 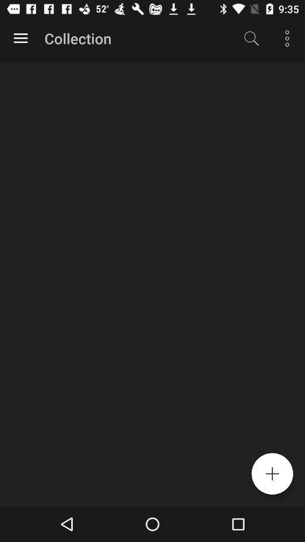 What do you see at coordinates (20, 38) in the screenshot?
I see `the collection option` at bounding box center [20, 38].